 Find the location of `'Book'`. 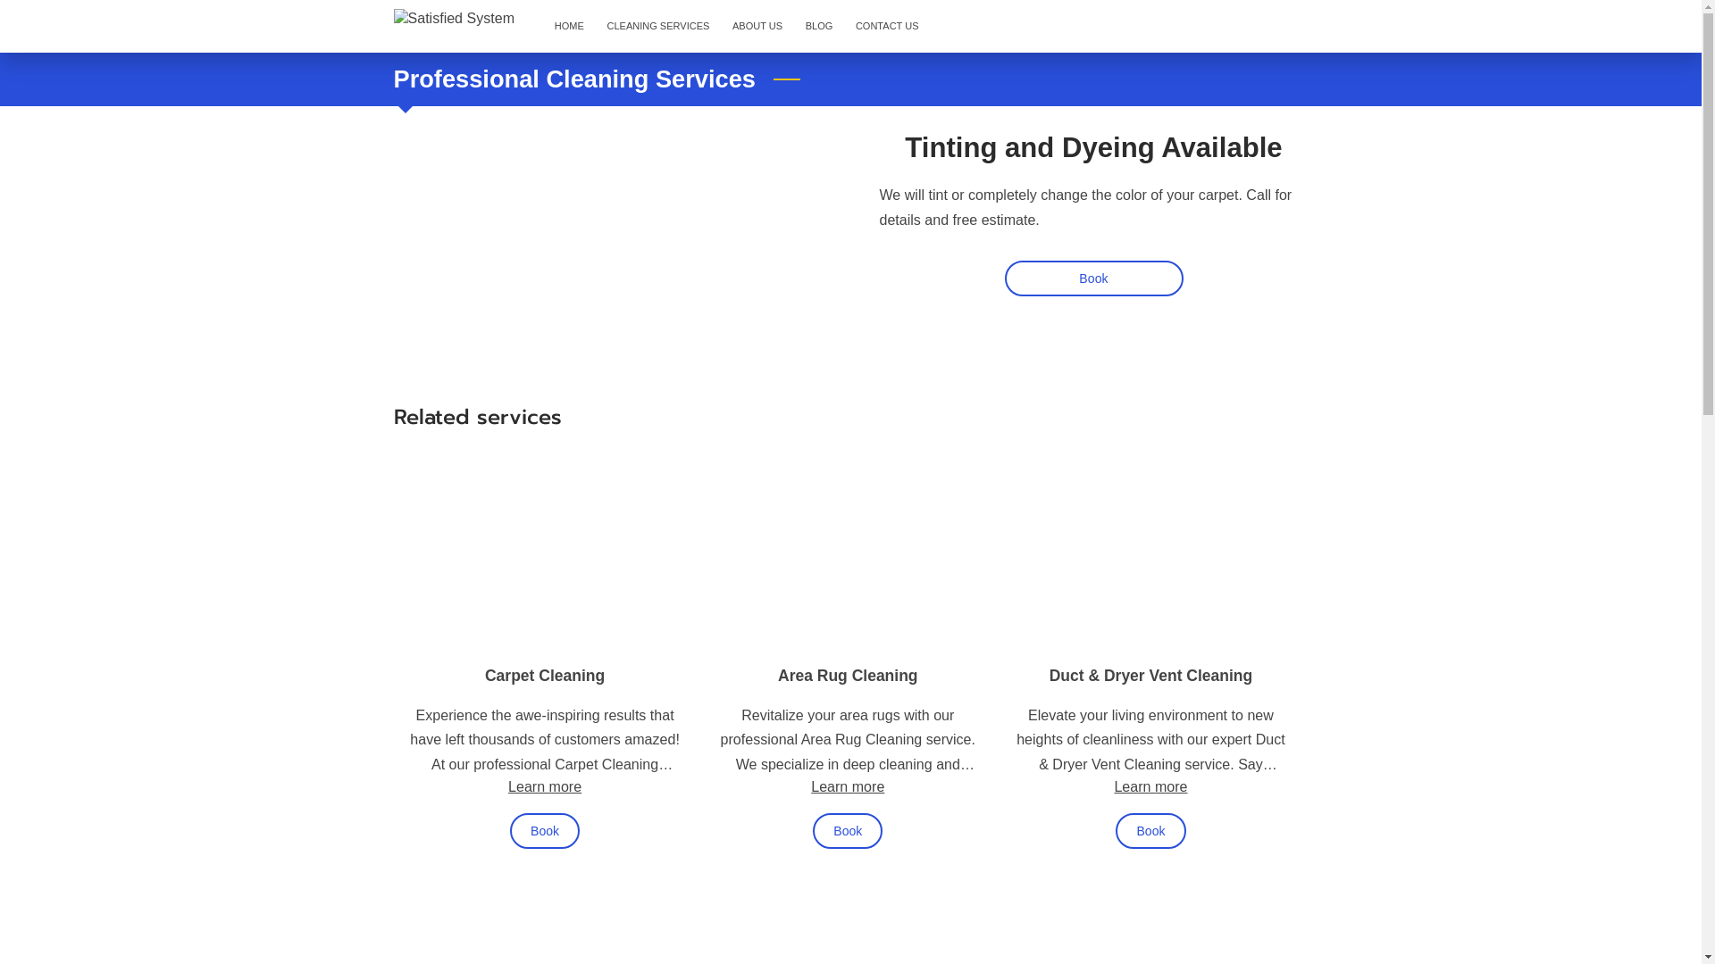

'Book' is located at coordinates (1092, 278).